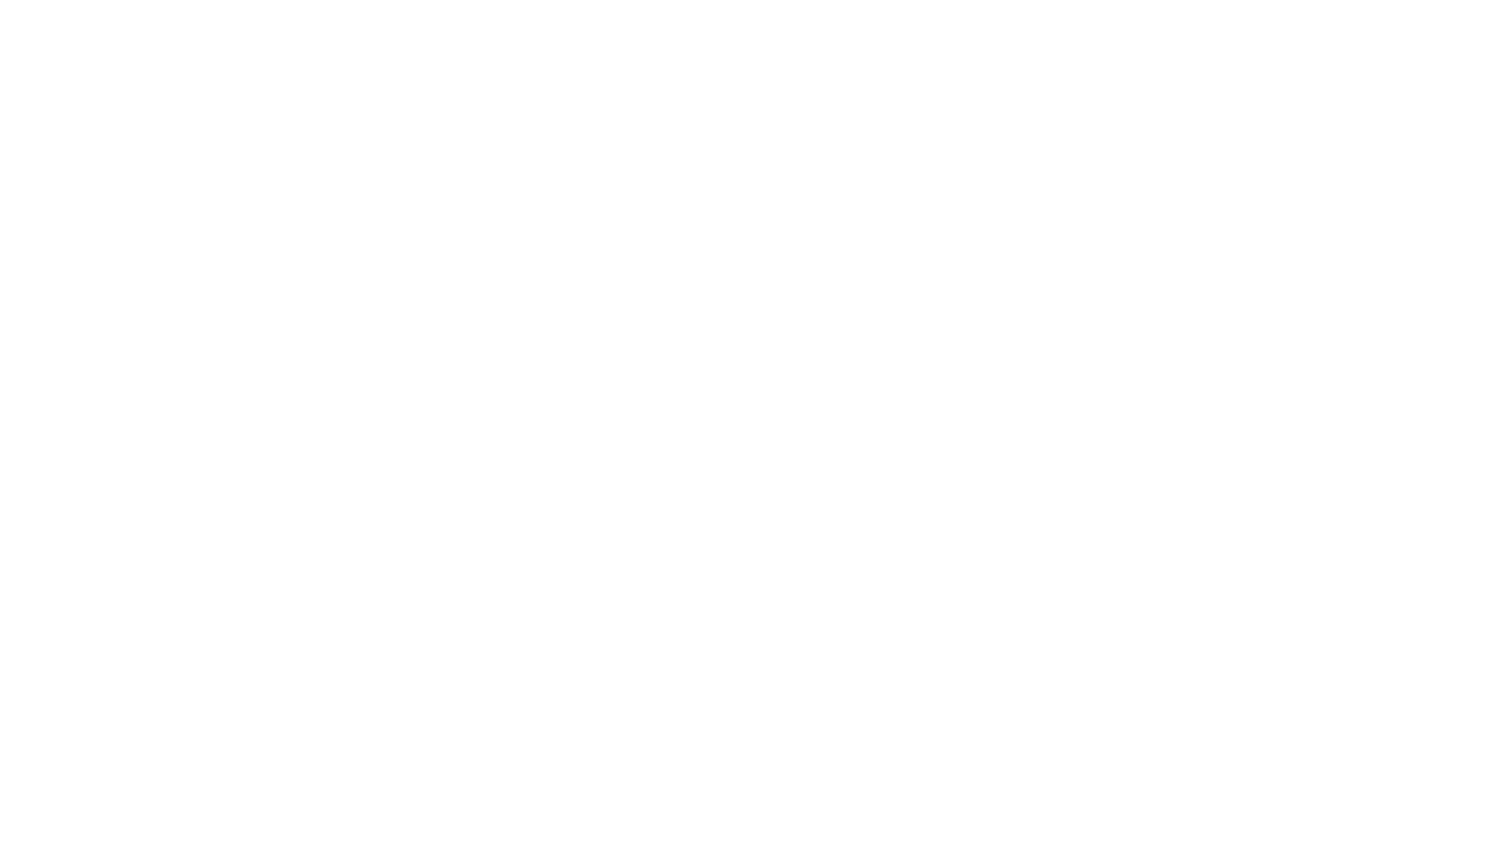  I want to click on 'Muddy Scamp- a medium dry punchy traditional cider', so click(453, 177).